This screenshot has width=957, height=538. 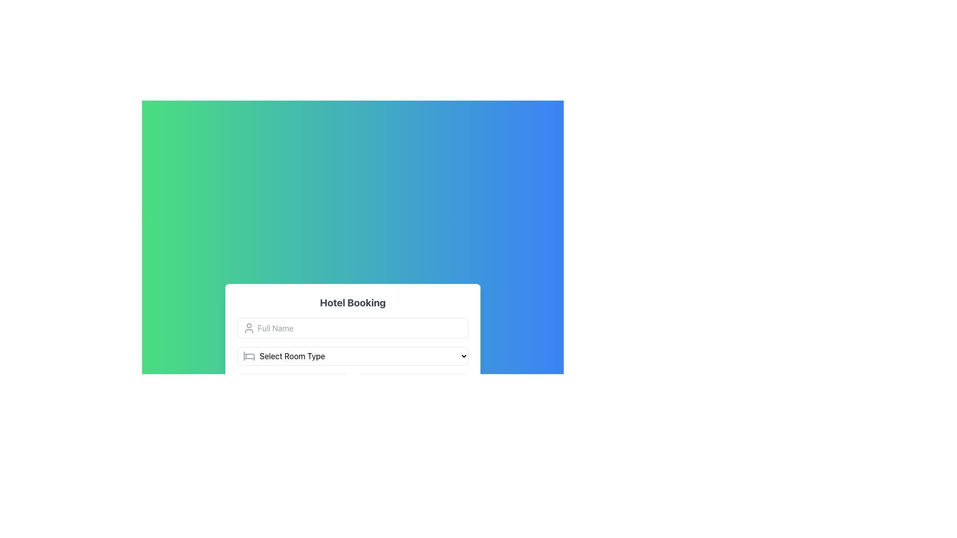 I want to click on the icon located to the left of the 'Full Name' input field, so click(x=249, y=328).